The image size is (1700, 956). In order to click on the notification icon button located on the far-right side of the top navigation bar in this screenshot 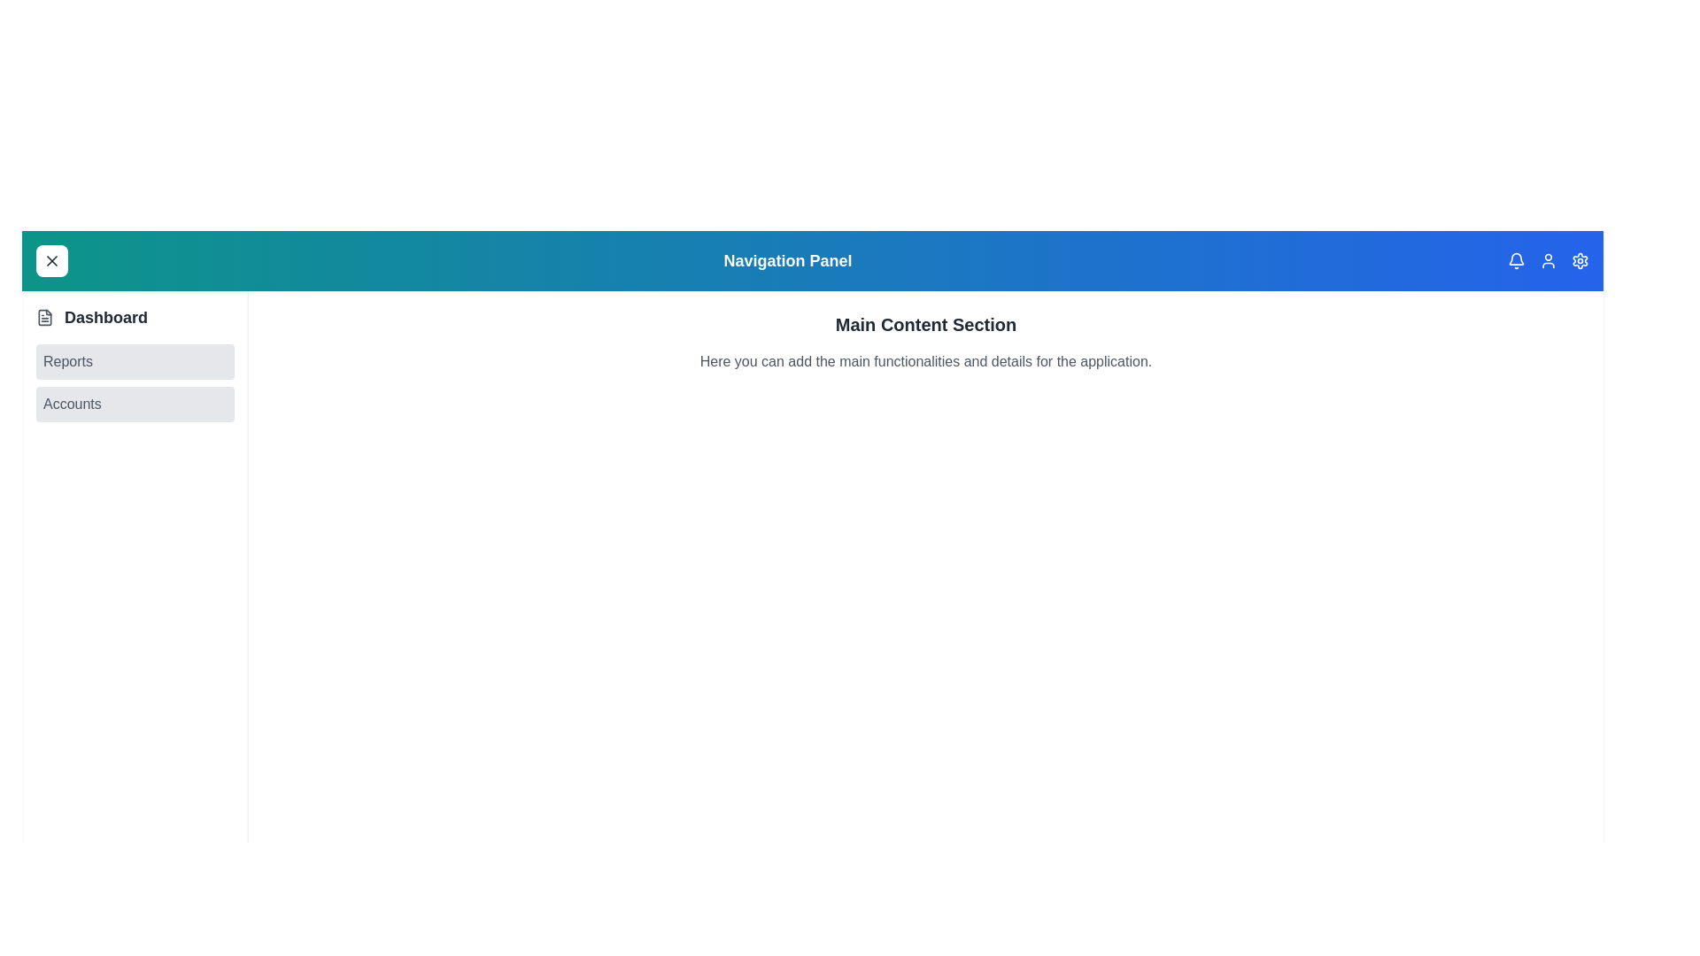, I will do `click(1516, 260)`.